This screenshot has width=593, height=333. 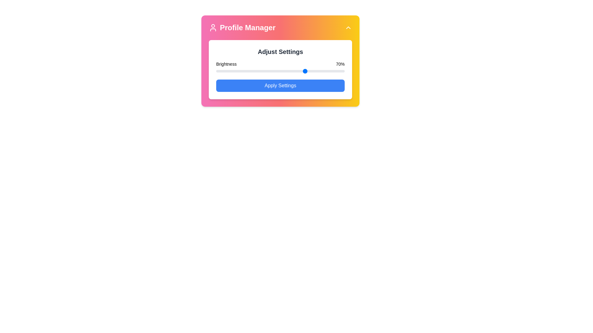 I want to click on the user silhouette icon with a white stroke on a pink background in the Profile Manager section for accessibility, so click(x=213, y=27).